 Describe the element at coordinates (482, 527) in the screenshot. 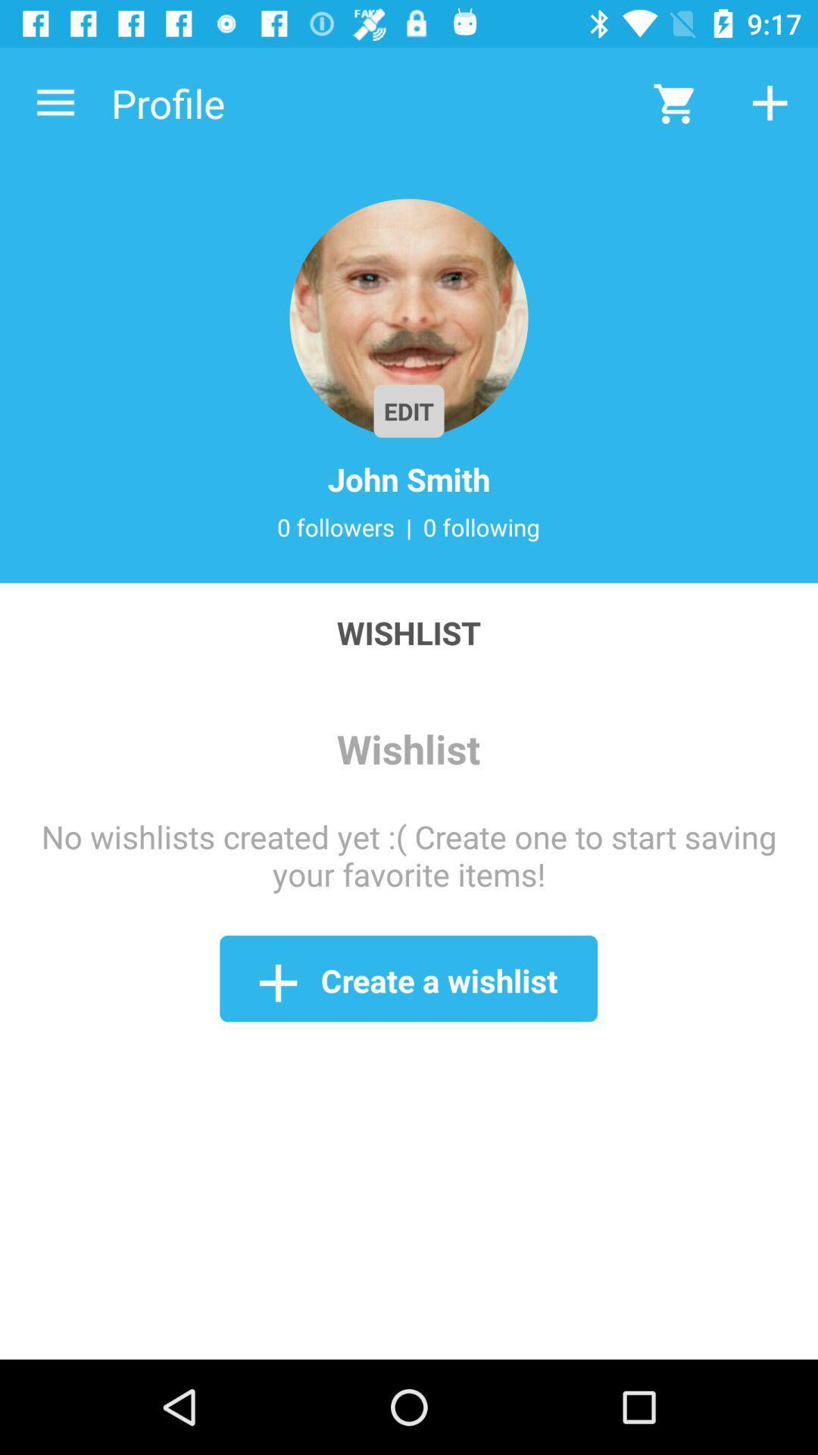

I see `icon next to the   |` at that location.